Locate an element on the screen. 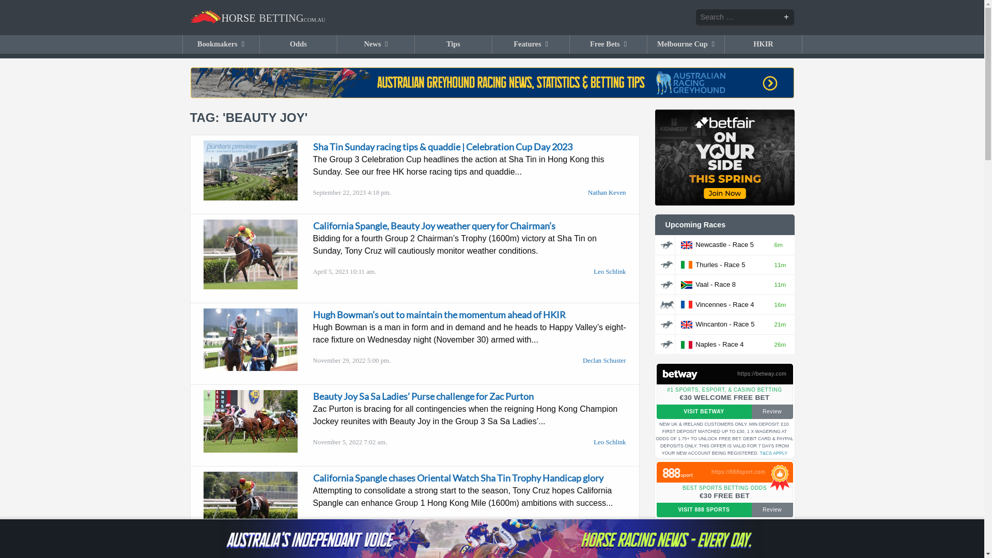 This screenshot has height=558, width=992. 'Tips' is located at coordinates (454, 43).